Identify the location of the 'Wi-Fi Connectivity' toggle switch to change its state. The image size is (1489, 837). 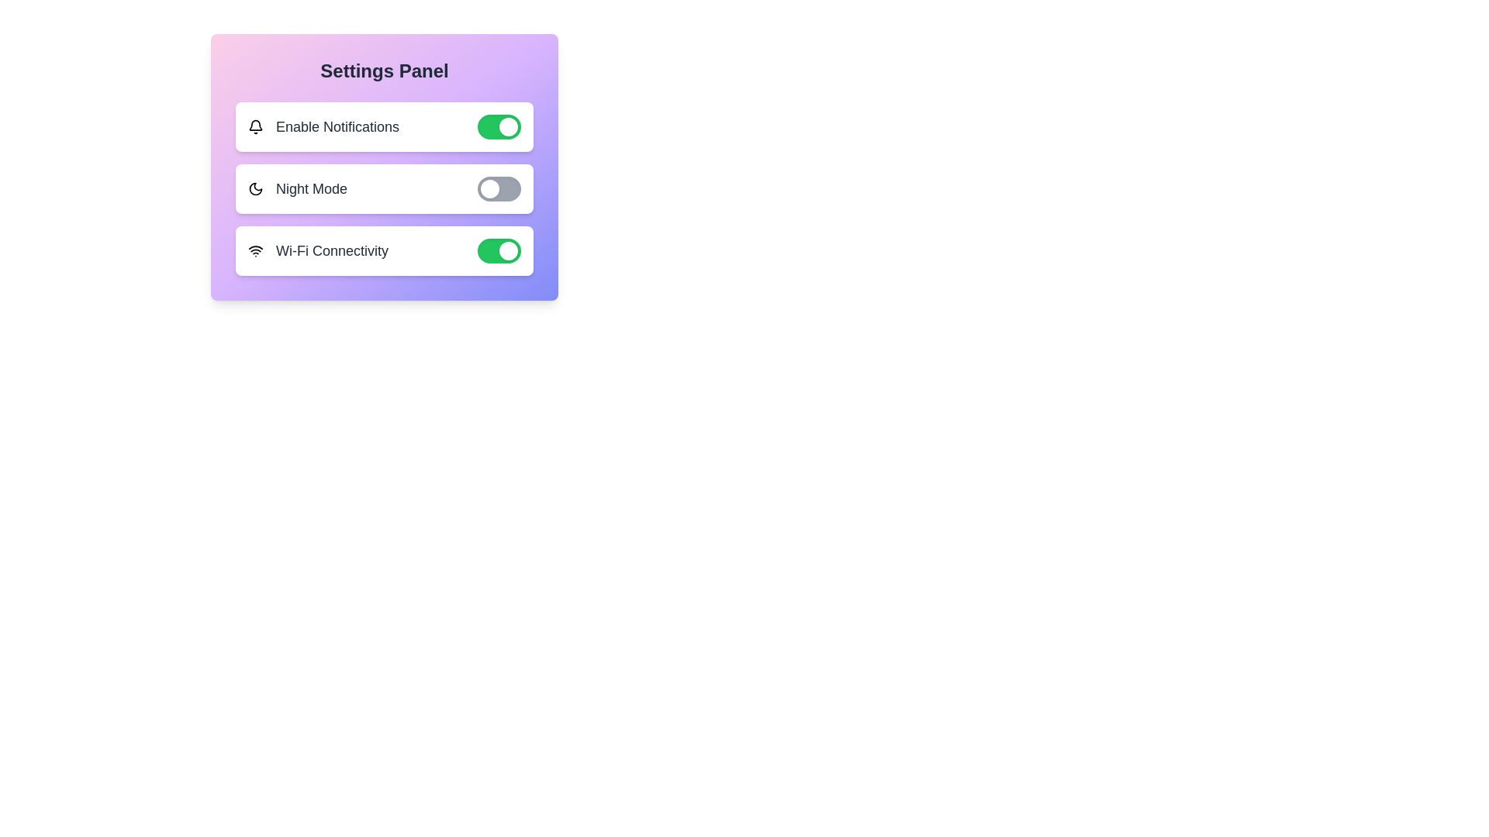
(499, 250).